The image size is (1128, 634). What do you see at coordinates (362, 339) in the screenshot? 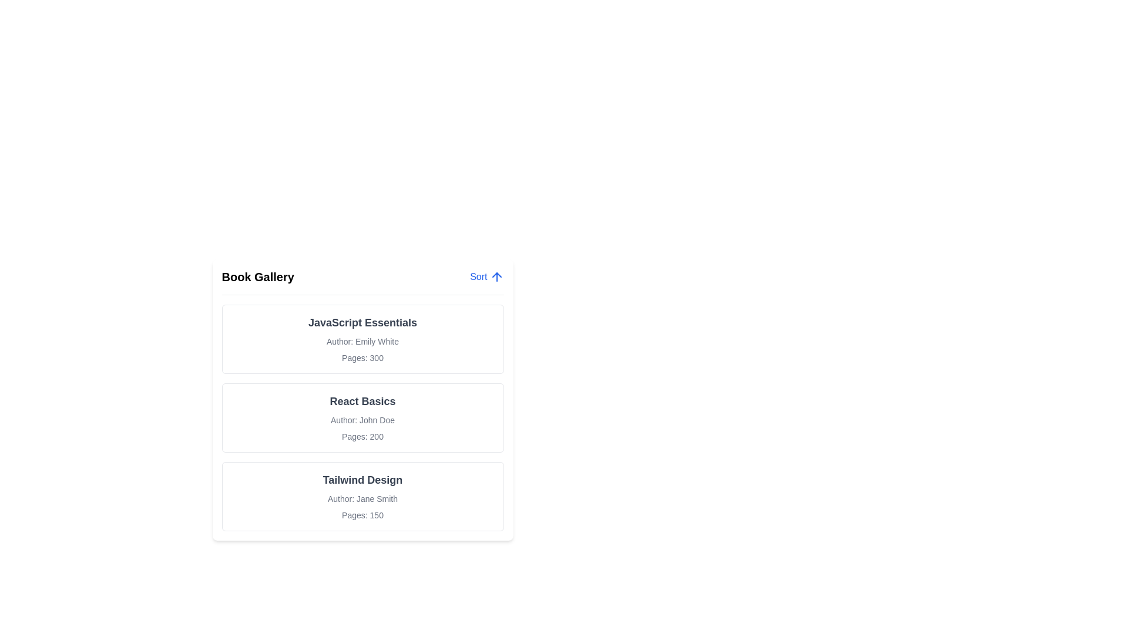
I see `the first Informational Card in the Book Gallery that displays the book title, author's name, and page count information` at bounding box center [362, 339].